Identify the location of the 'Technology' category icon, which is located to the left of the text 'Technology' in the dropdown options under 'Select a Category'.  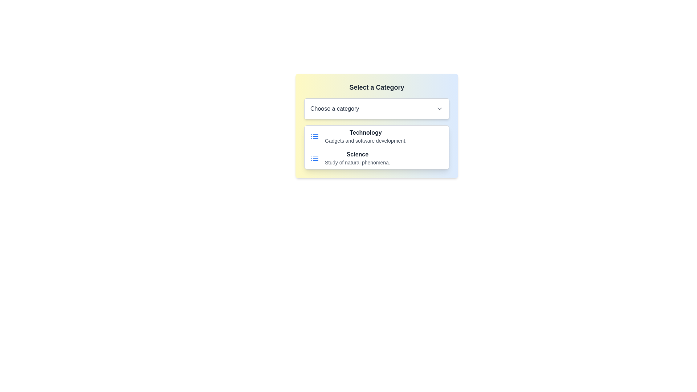
(315, 136).